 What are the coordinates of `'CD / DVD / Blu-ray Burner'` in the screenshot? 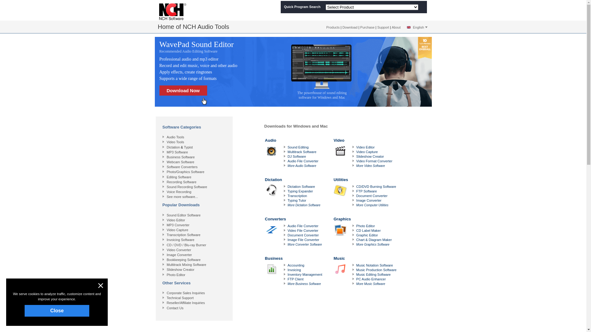 It's located at (186, 245).